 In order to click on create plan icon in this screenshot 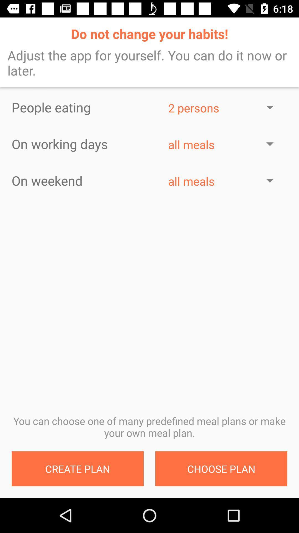, I will do `click(78, 469)`.